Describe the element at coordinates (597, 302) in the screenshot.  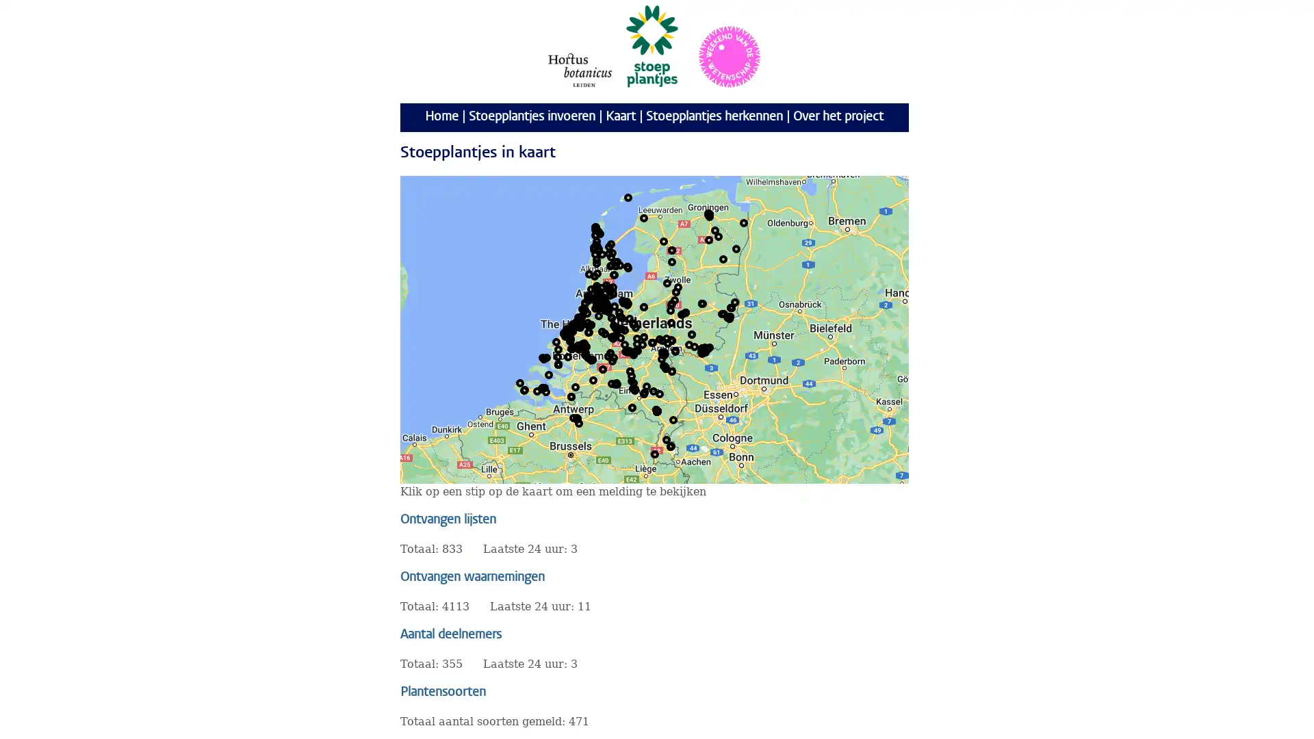
I see `Telling van peterkilian op 30 december 2021` at that location.